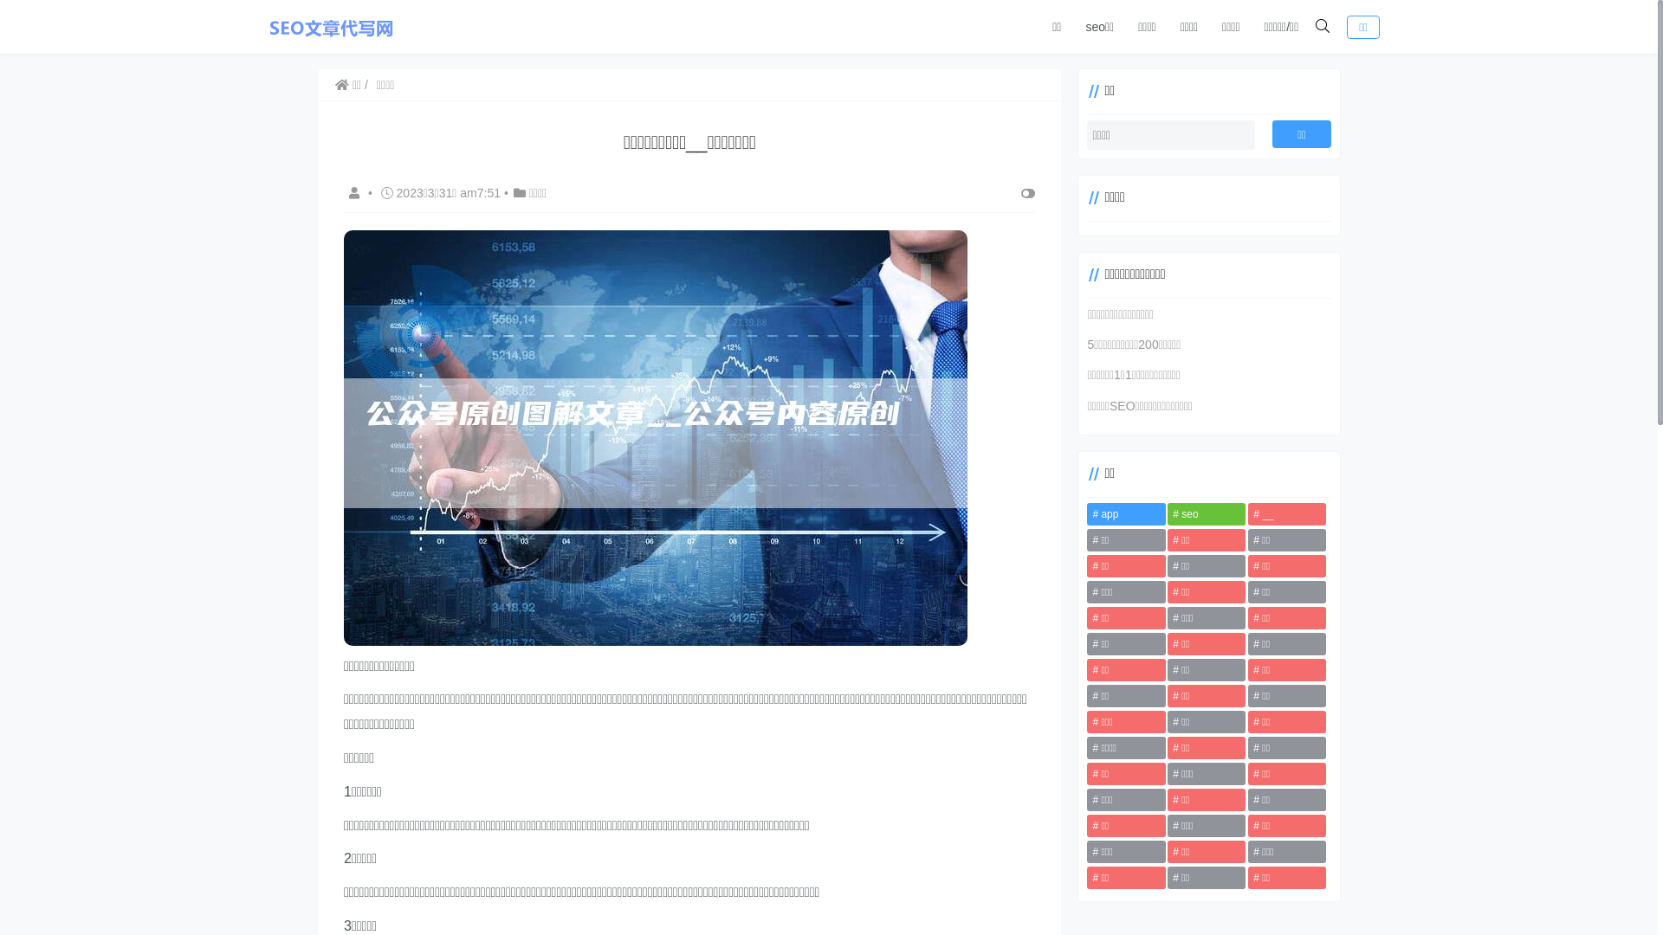 The height and width of the screenshot is (935, 1663). I want to click on 'seo', so click(1205, 513).